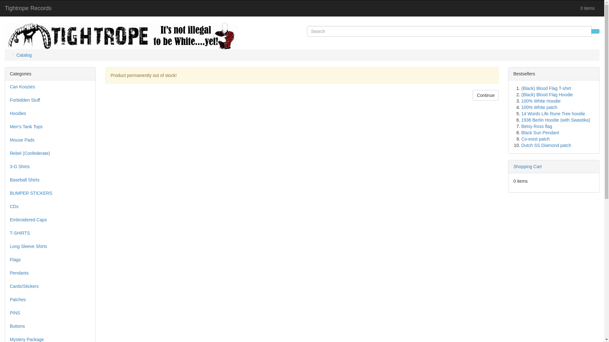 The image size is (609, 342). Describe the element at coordinates (50, 113) in the screenshot. I see `'Hoodies'` at that location.